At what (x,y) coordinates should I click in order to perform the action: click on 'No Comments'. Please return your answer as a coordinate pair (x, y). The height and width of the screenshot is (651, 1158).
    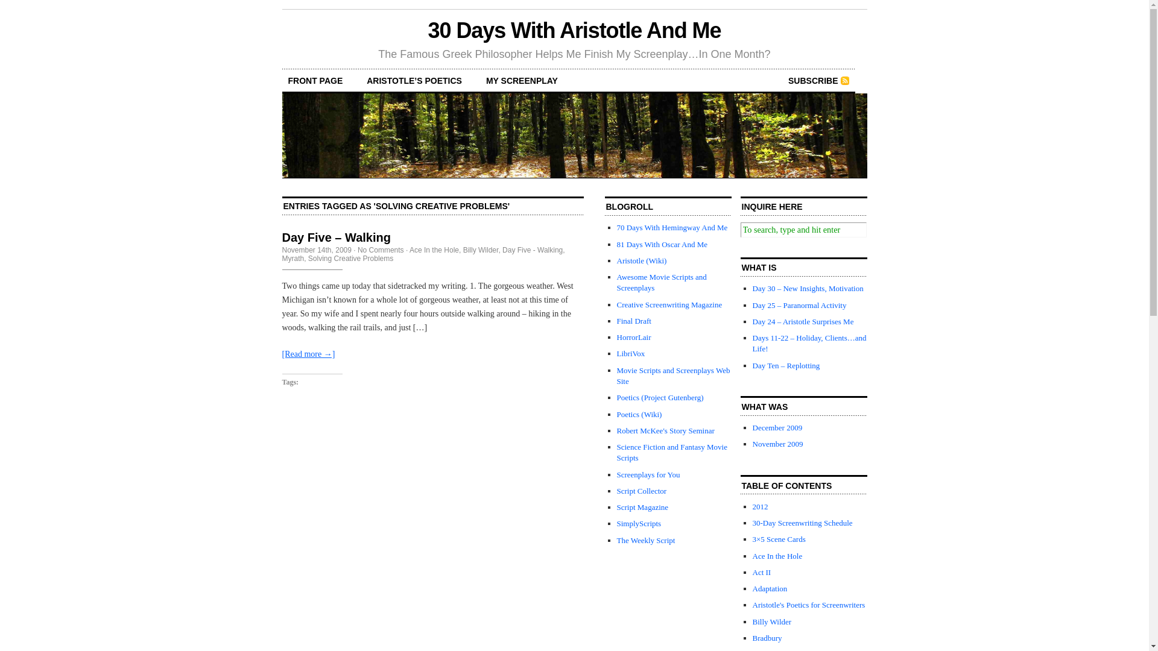
    Looking at the image, I should click on (380, 250).